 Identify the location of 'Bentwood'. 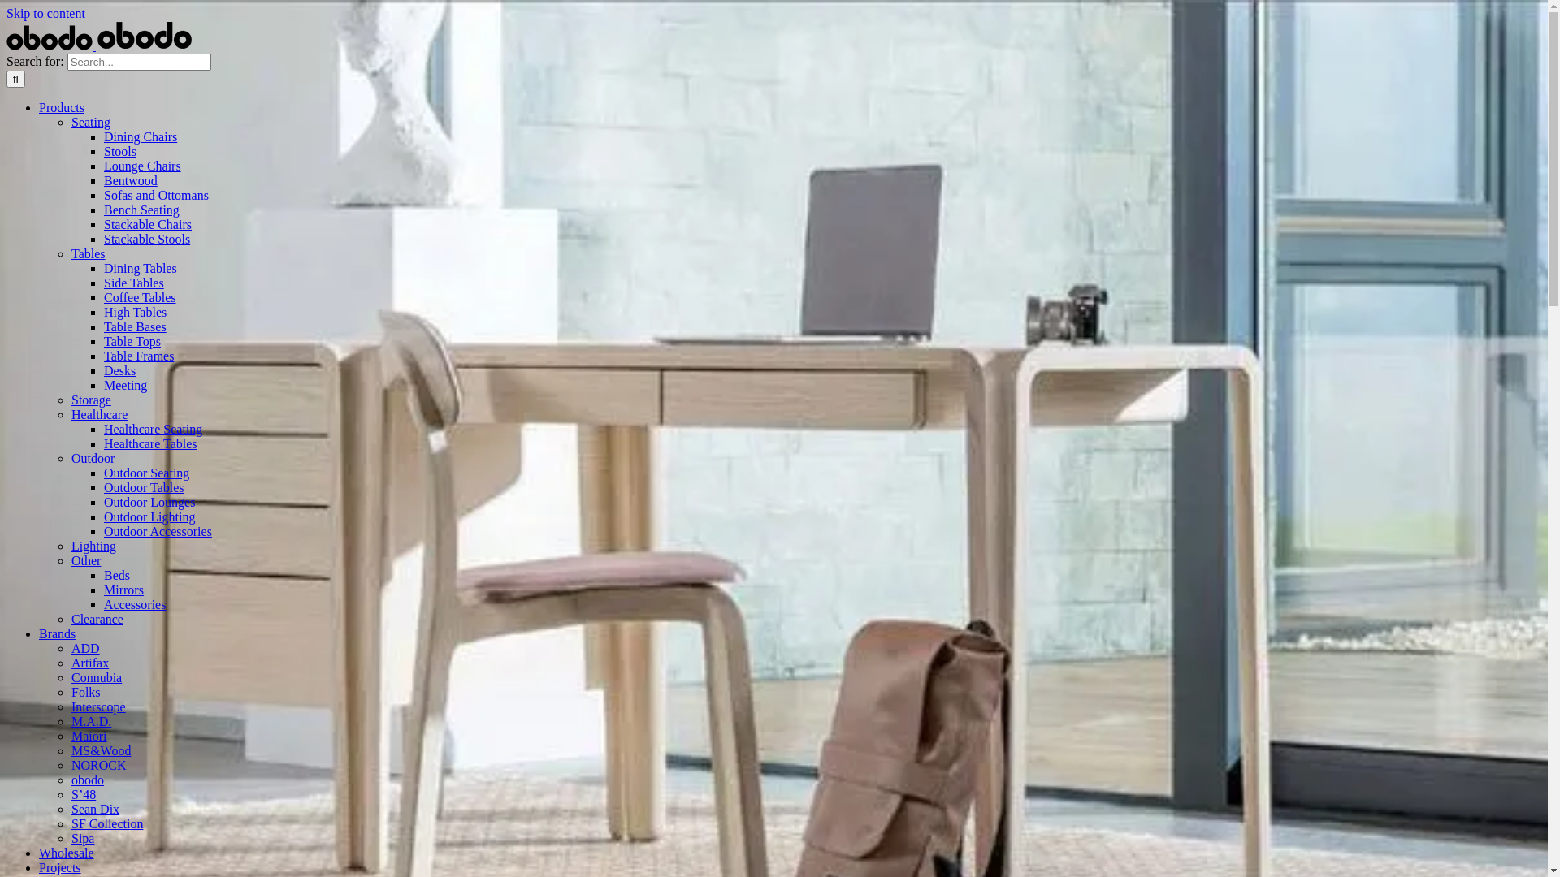
(103, 180).